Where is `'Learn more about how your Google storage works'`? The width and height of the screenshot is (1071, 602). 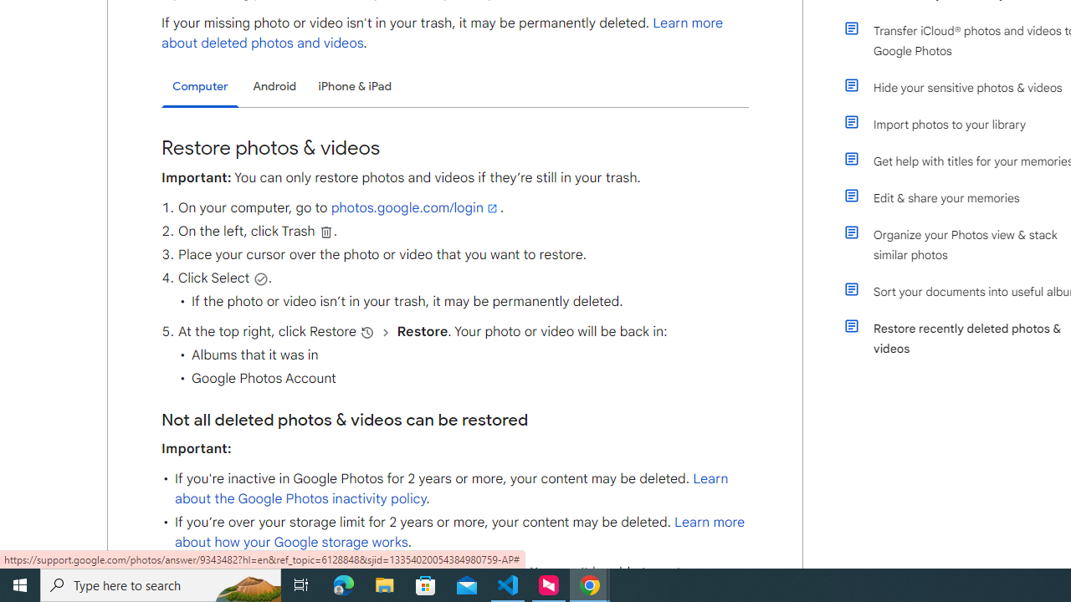
'Learn more about how your Google storage works' is located at coordinates (459, 532).